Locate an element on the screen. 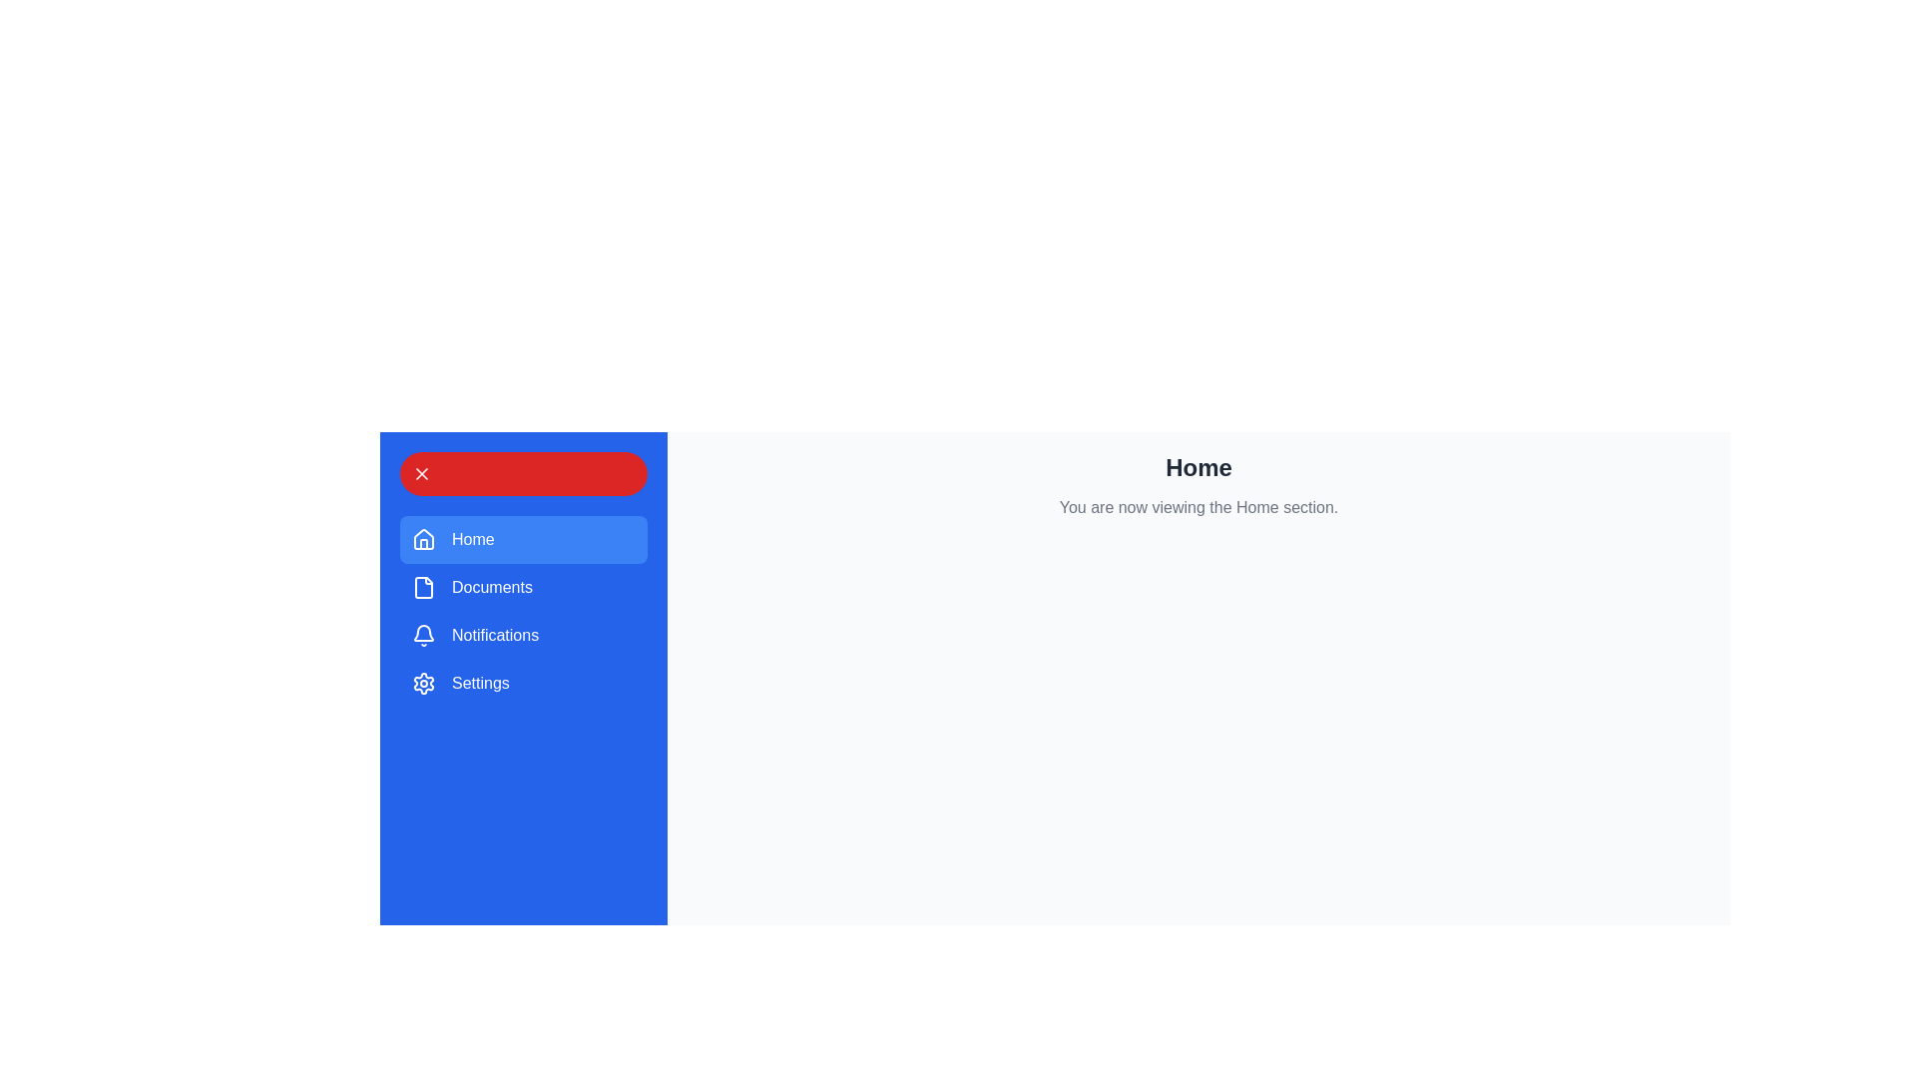  the menu item Documents from the drawer menu is located at coordinates (523, 587).